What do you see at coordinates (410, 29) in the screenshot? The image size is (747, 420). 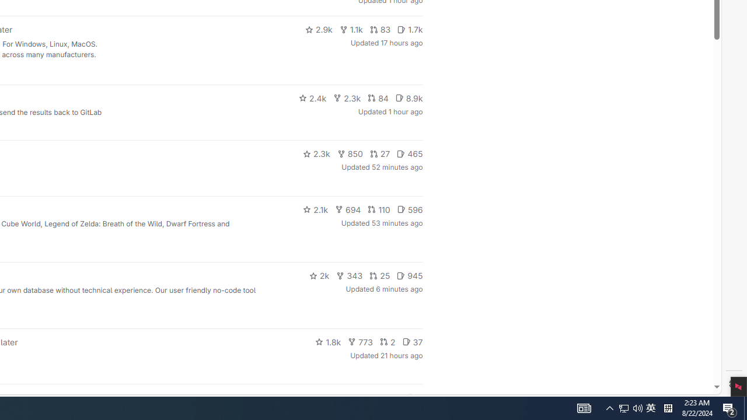 I see `'1.7k'` at bounding box center [410, 29].